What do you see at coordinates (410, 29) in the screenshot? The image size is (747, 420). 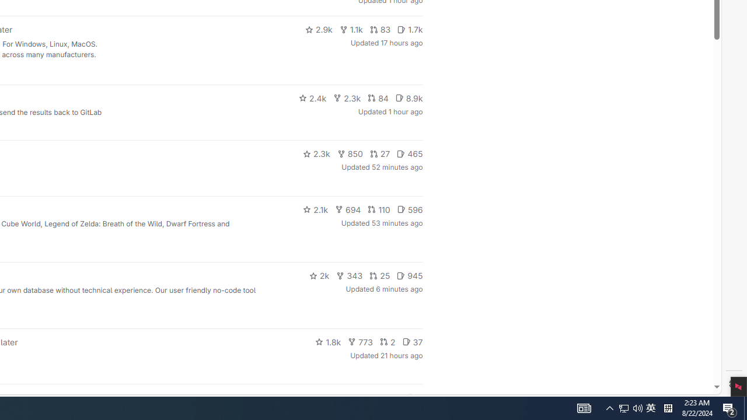 I see `'1.7k'` at bounding box center [410, 29].